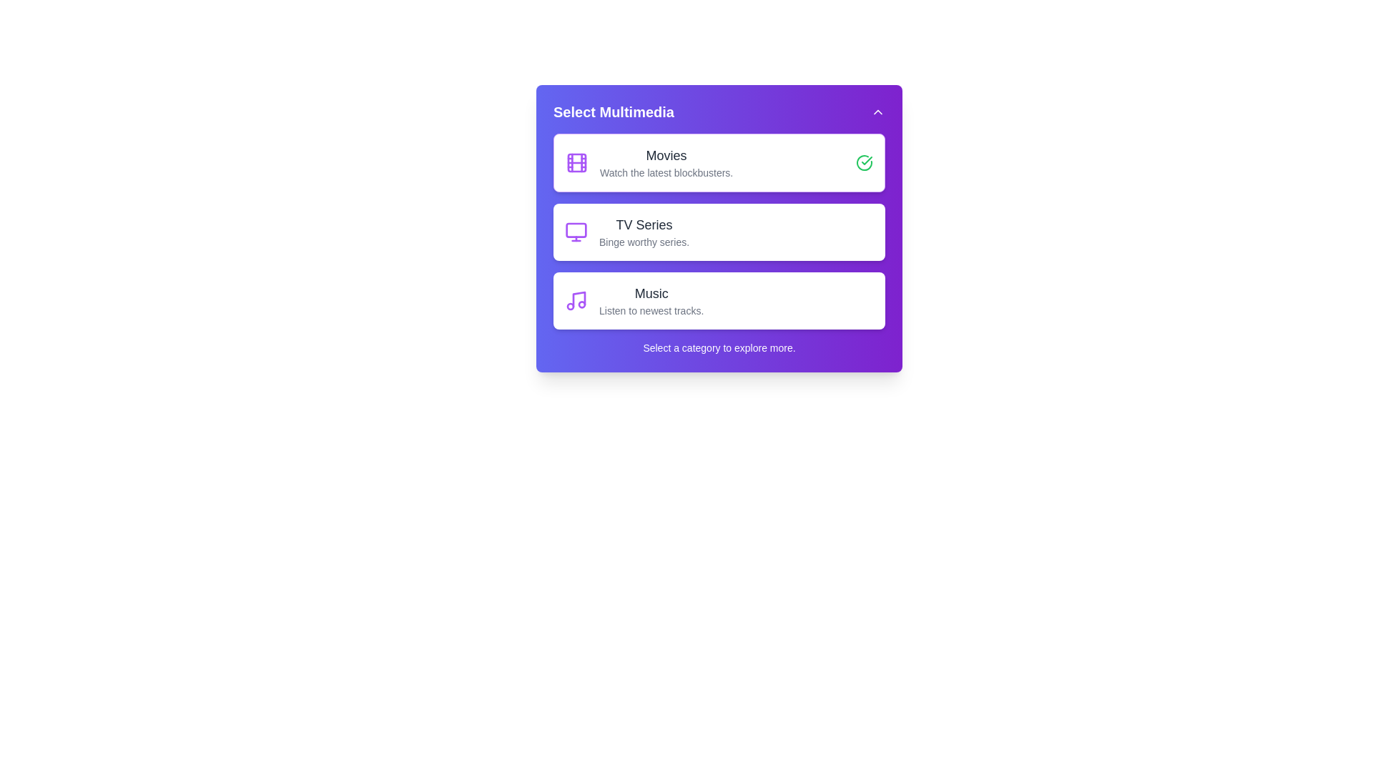  What do you see at coordinates (877, 112) in the screenshot?
I see `the arrow button to toggle the dropdown menu visibility` at bounding box center [877, 112].